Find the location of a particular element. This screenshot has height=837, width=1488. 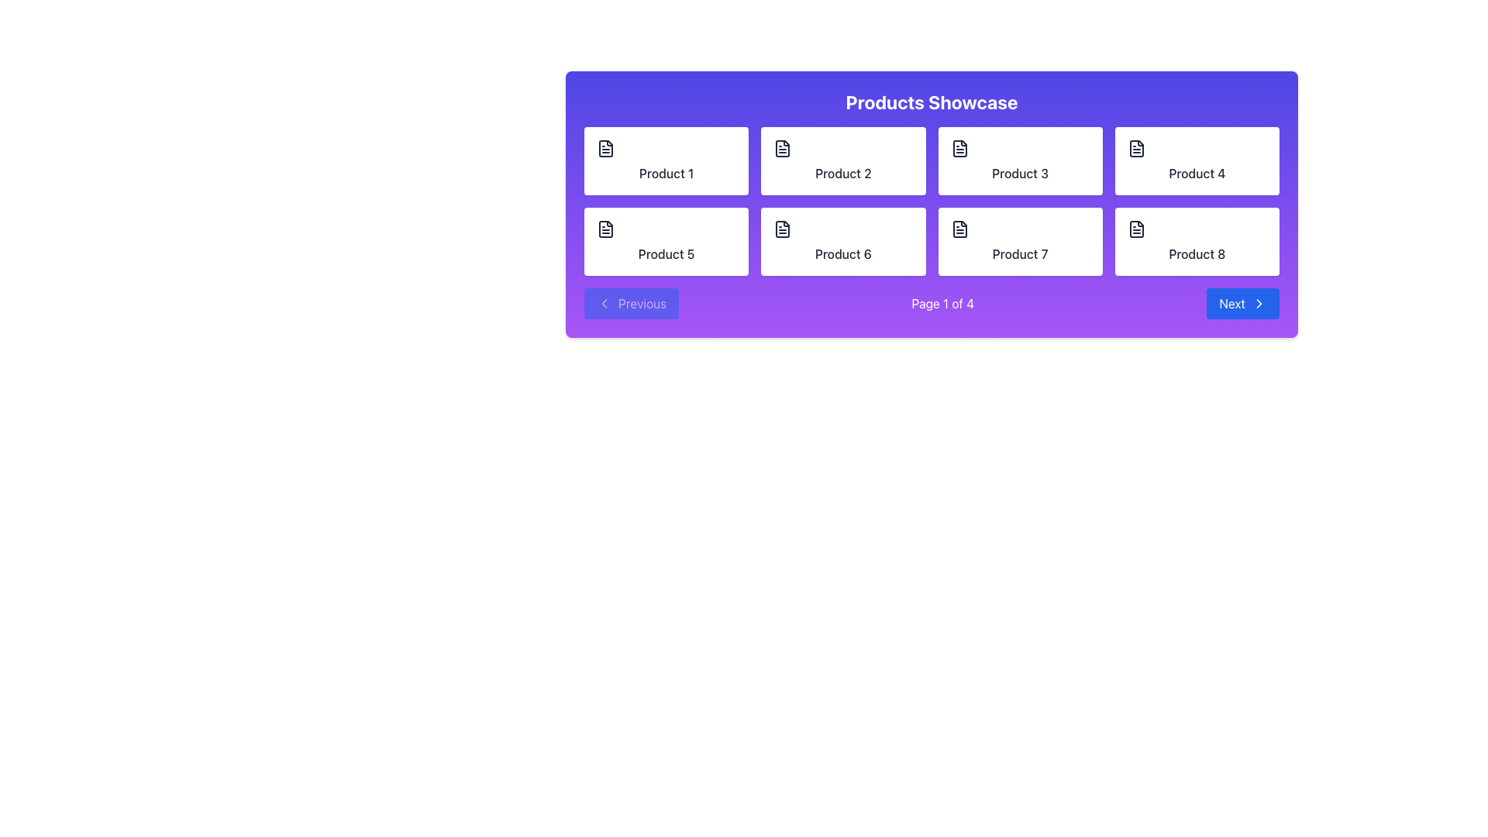

the graphical icon resembling a document file located above the text 'Product 1' in the grid layout is located at coordinates (605, 149).